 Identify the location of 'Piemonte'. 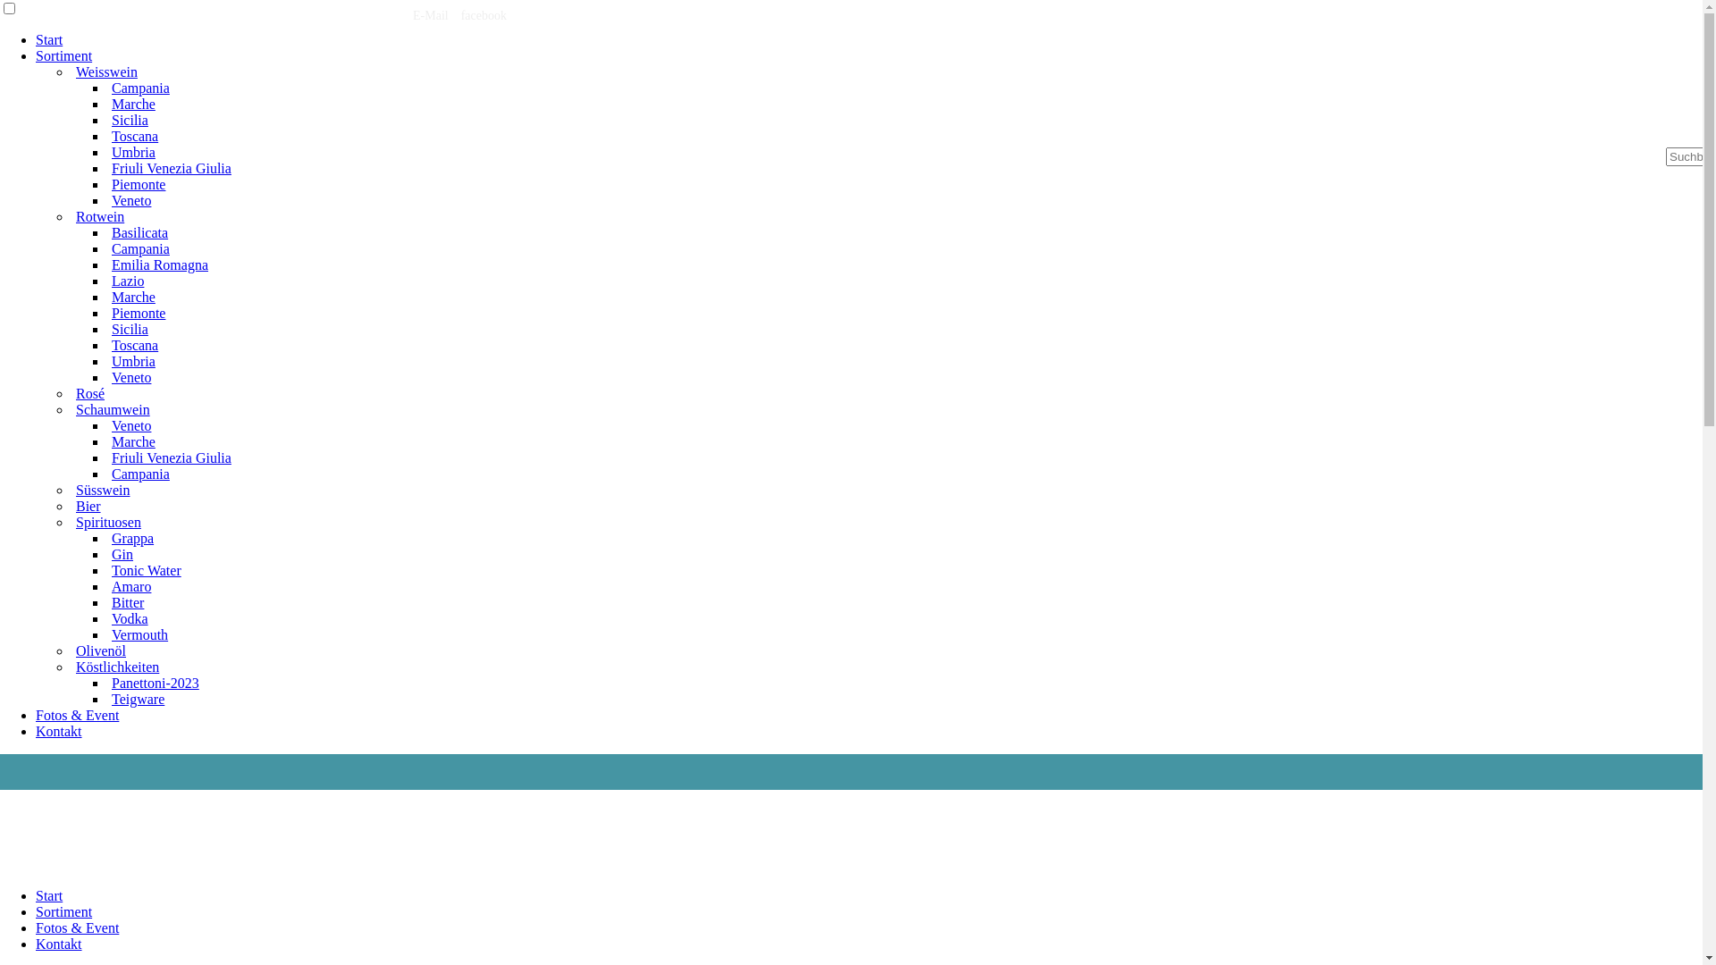
(137, 312).